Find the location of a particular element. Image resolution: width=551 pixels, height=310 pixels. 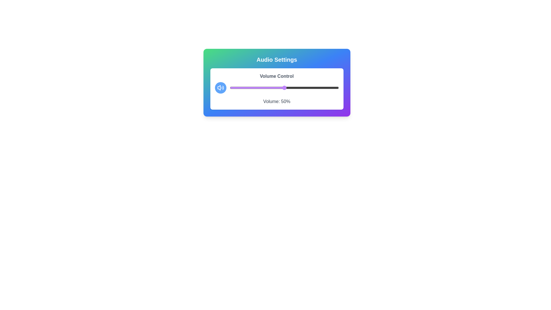

volume is located at coordinates (328, 88).